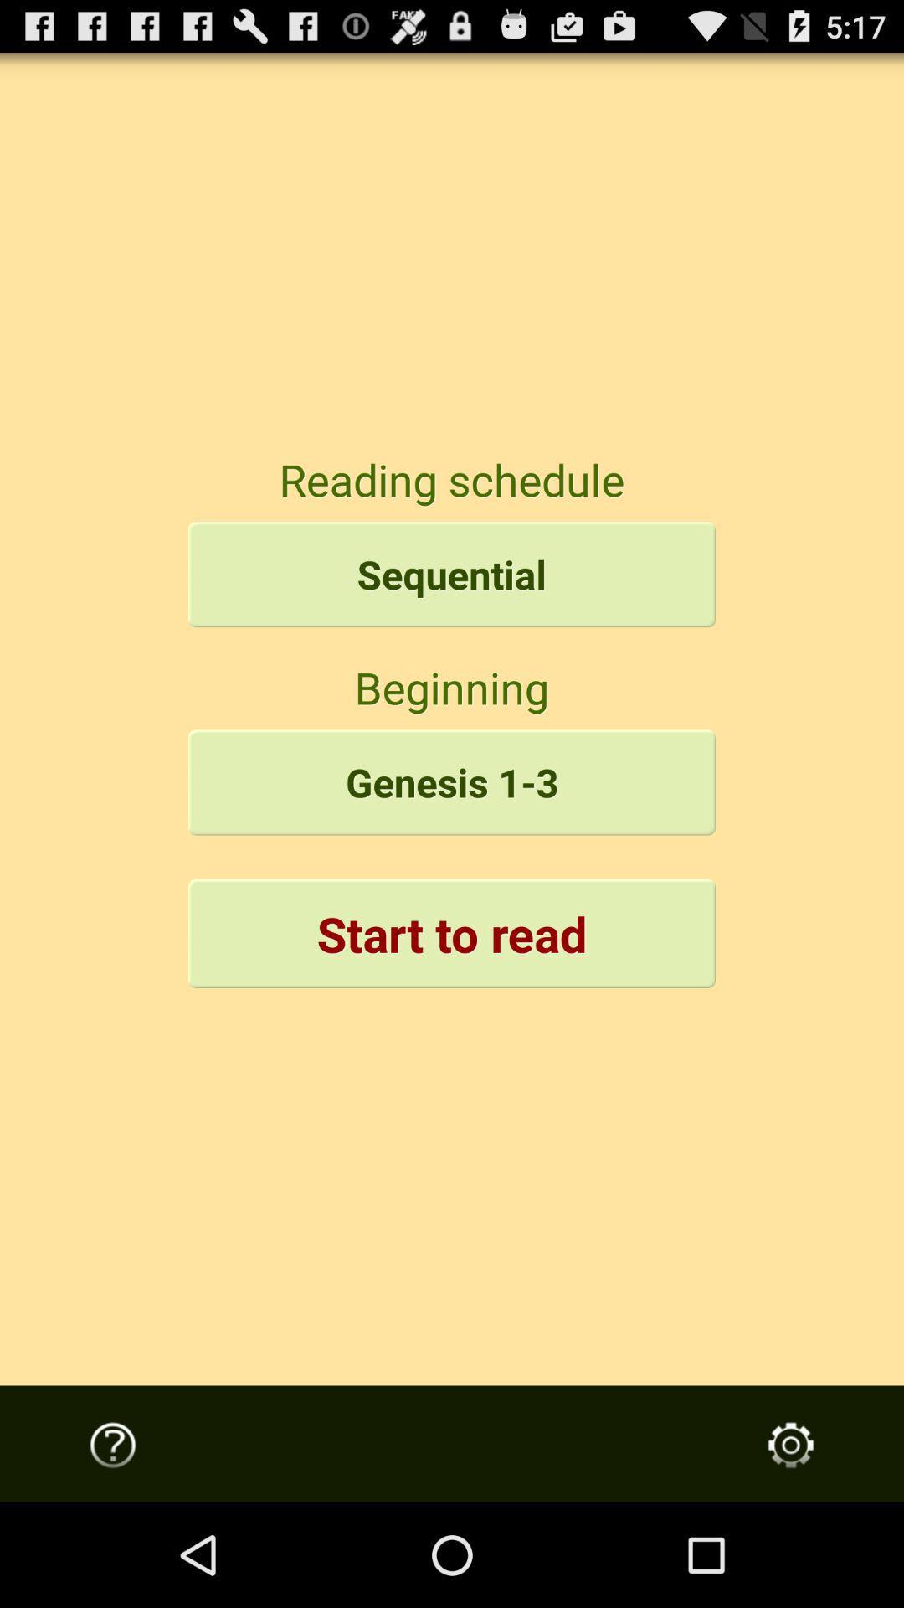 The width and height of the screenshot is (904, 1608). I want to click on the icon above start to read item, so click(452, 781).